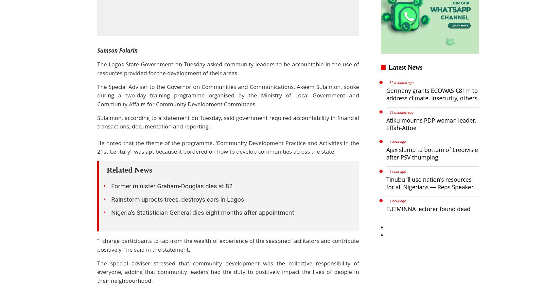 The width and height of the screenshot is (541, 286). What do you see at coordinates (110, 277) in the screenshot?
I see `'Auto Famous'` at bounding box center [110, 277].